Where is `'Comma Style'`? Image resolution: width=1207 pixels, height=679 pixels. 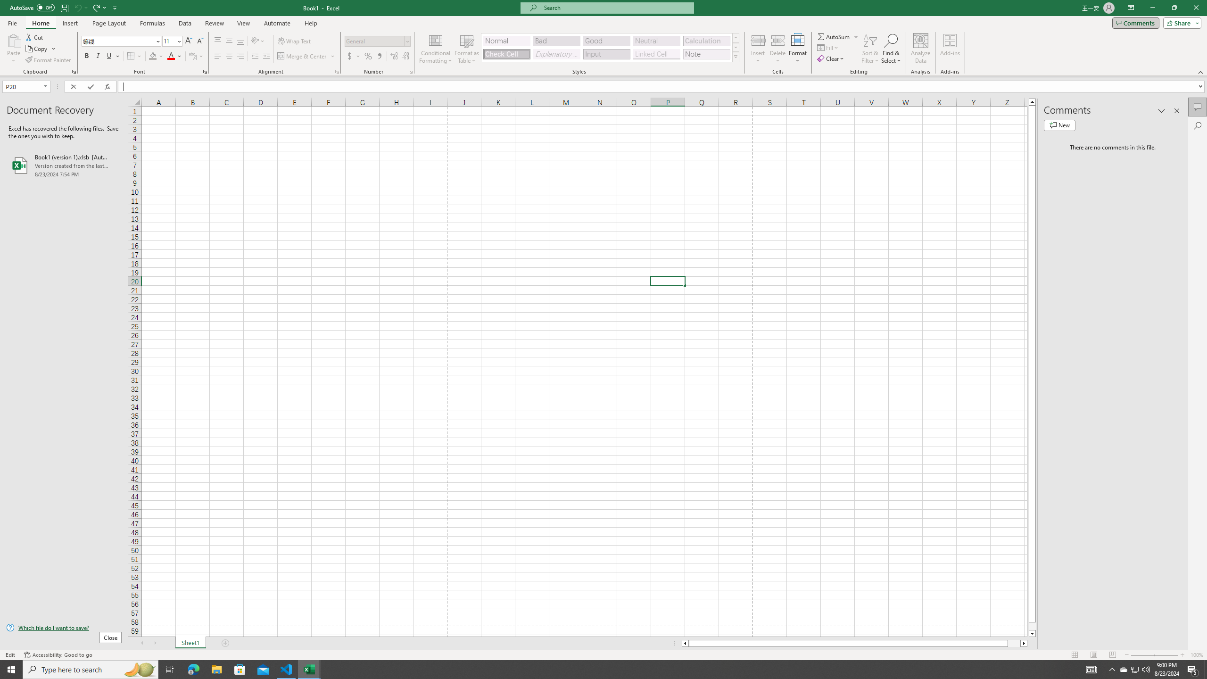 'Comma Style' is located at coordinates (379, 56).